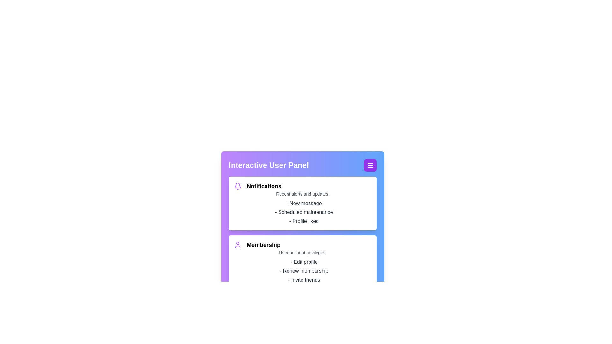 The height and width of the screenshot is (344, 612). Describe the element at coordinates (302, 204) in the screenshot. I see `the notifications section to read its content` at that location.